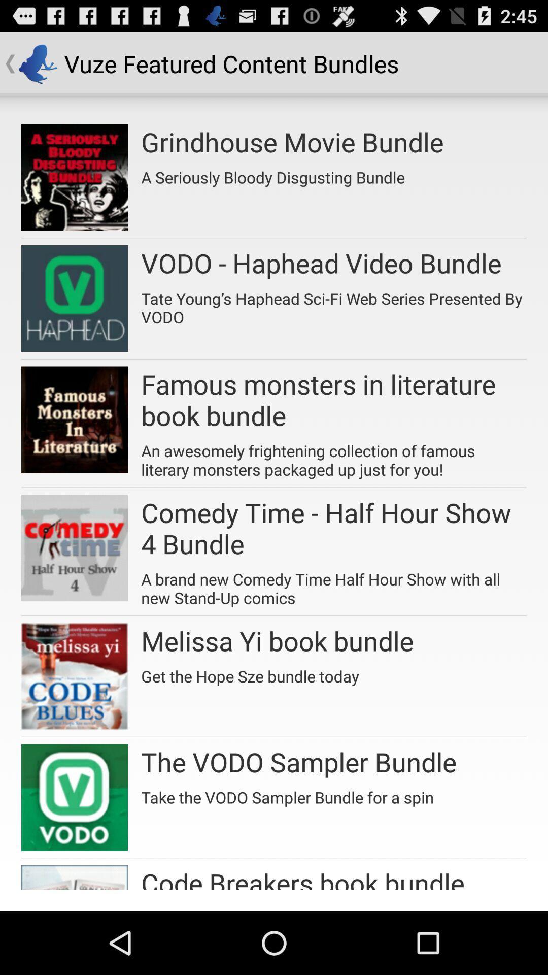 The height and width of the screenshot is (975, 548). What do you see at coordinates (334, 456) in the screenshot?
I see `the app above comedy time half item` at bounding box center [334, 456].